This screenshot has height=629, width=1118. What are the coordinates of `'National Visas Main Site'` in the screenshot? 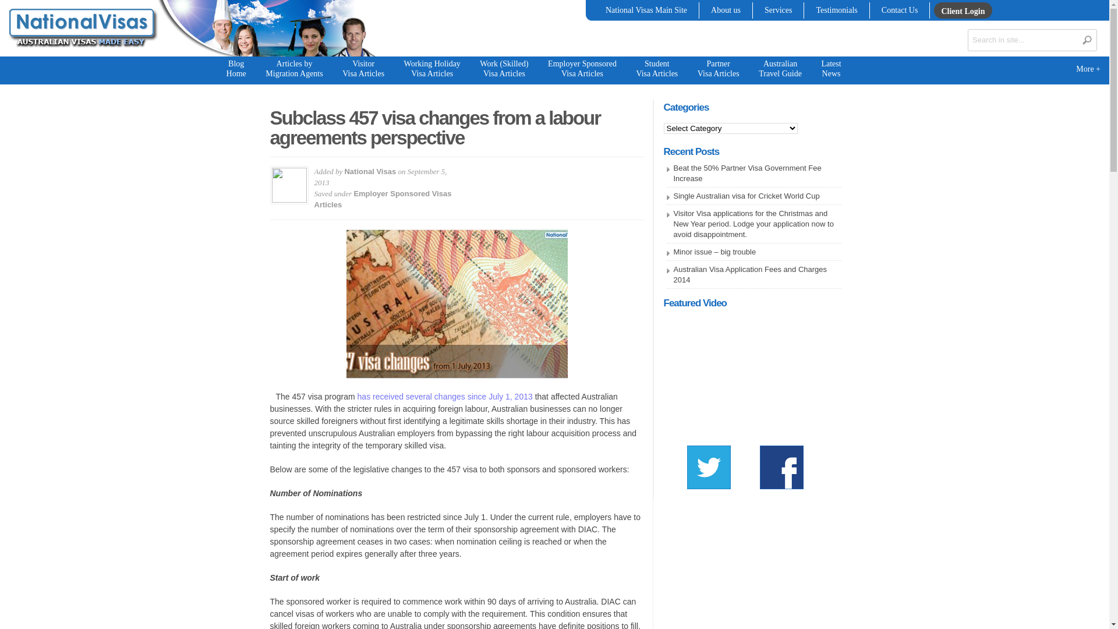 It's located at (645, 10).